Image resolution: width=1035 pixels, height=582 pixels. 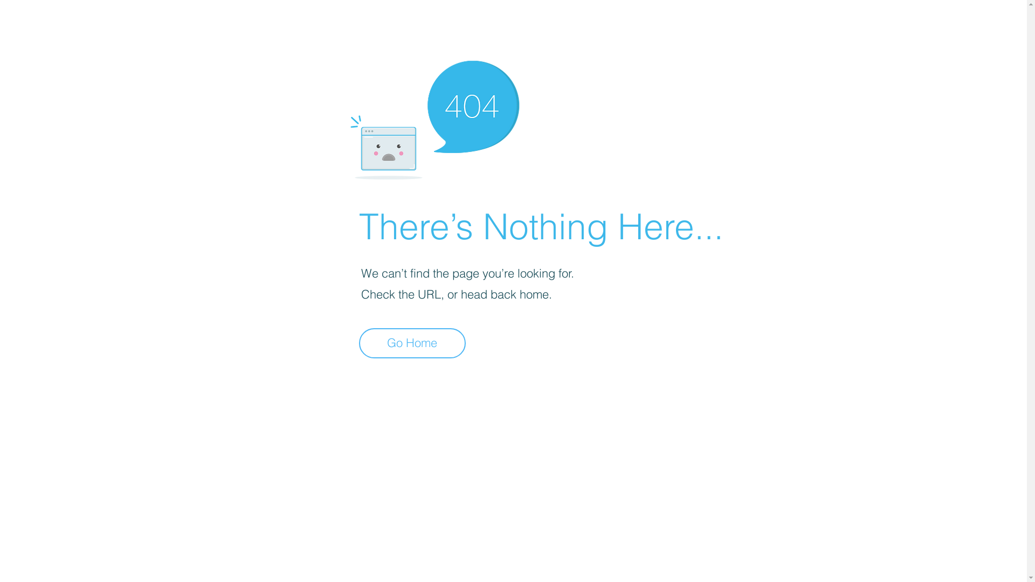 I want to click on 'Go Home', so click(x=359, y=343).